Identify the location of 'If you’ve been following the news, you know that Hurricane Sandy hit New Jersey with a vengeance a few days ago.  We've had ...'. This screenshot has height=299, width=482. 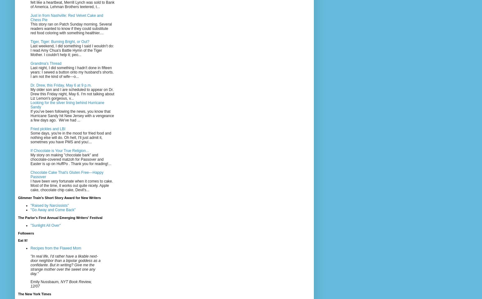
(30, 115).